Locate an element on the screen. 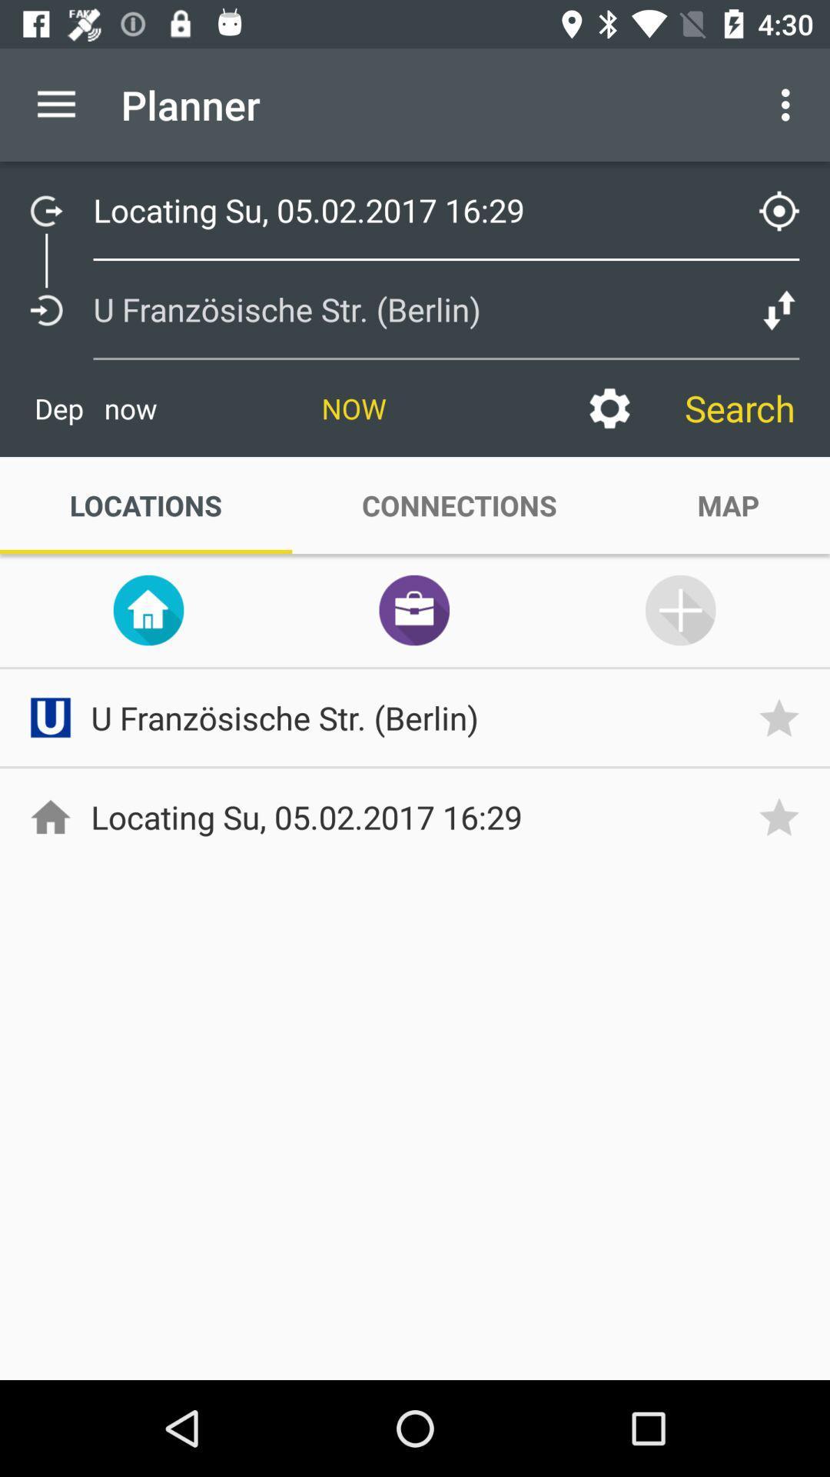  the swap icon is located at coordinates (148, 609).